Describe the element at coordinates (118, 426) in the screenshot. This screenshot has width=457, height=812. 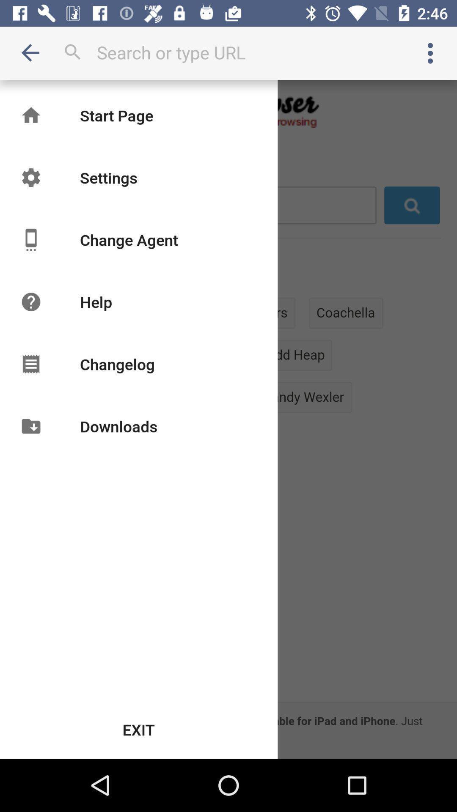
I see `the item above exit` at that location.